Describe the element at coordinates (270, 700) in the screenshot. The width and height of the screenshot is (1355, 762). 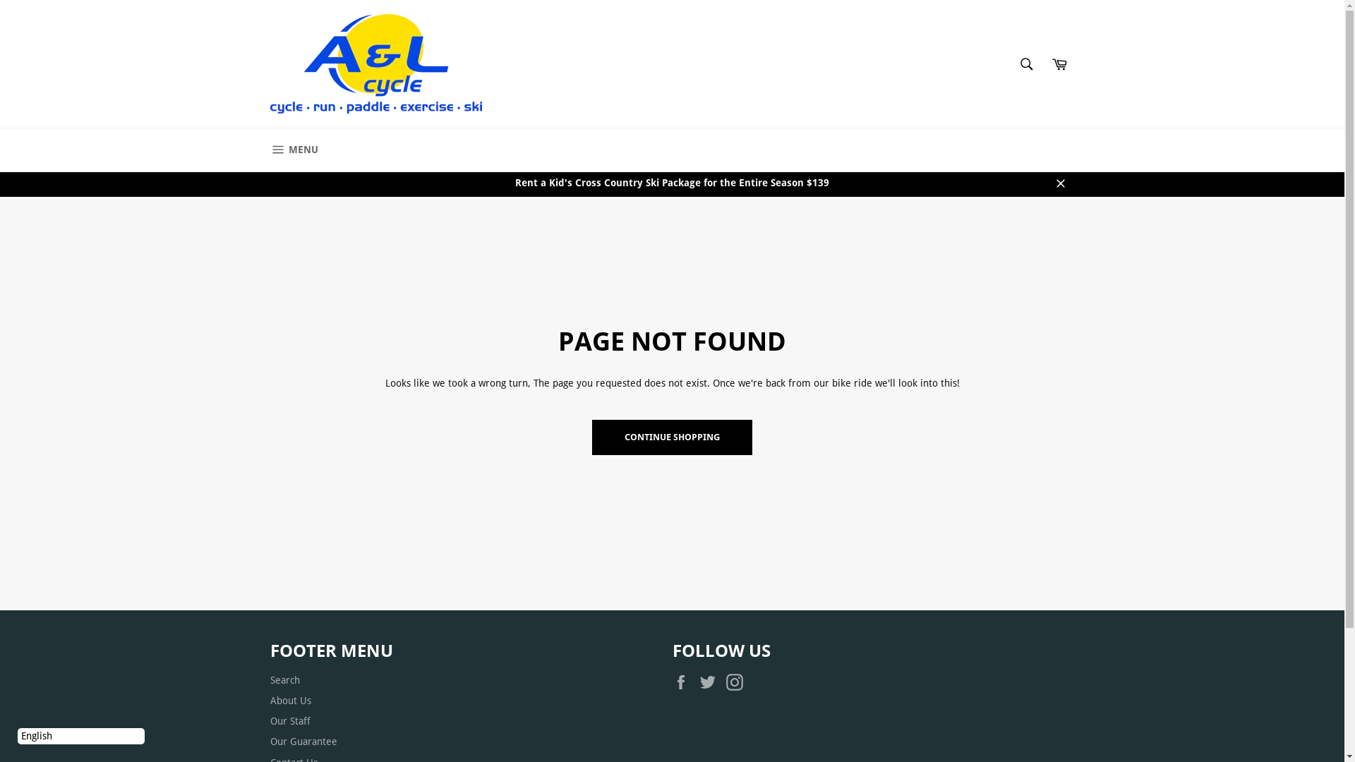
I see `'About Us'` at that location.